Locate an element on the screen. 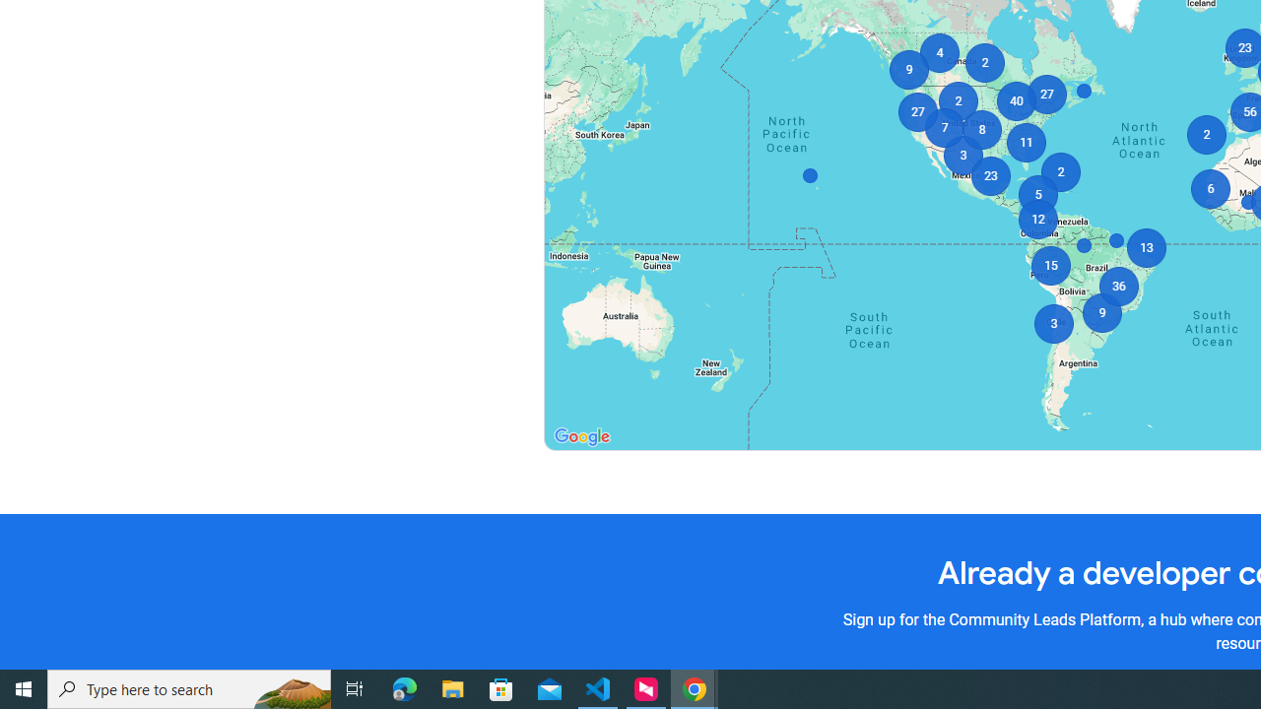  '36' is located at coordinates (1118, 286).